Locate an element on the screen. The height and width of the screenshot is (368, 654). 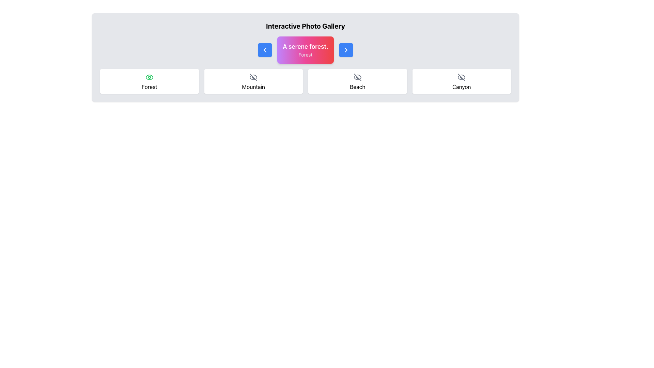
the visibility toggle button for the 'Beach' category to show or hide its content in the gallery is located at coordinates (357, 77).